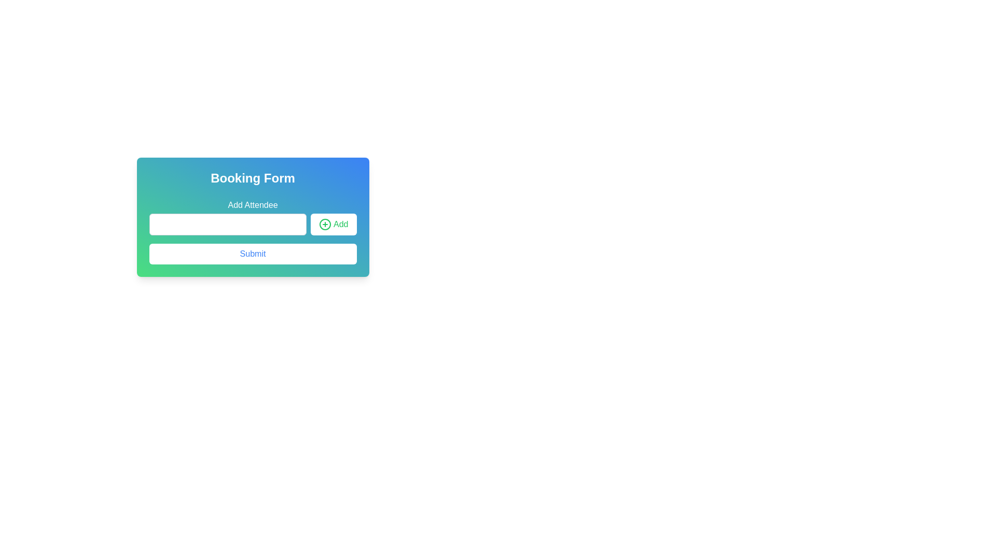 The image size is (996, 560). What do you see at coordinates (325, 224) in the screenshot?
I see `the icon that symbolizes adding an entry, located inside a button to the right of the 'Add Attendee' text field` at bounding box center [325, 224].